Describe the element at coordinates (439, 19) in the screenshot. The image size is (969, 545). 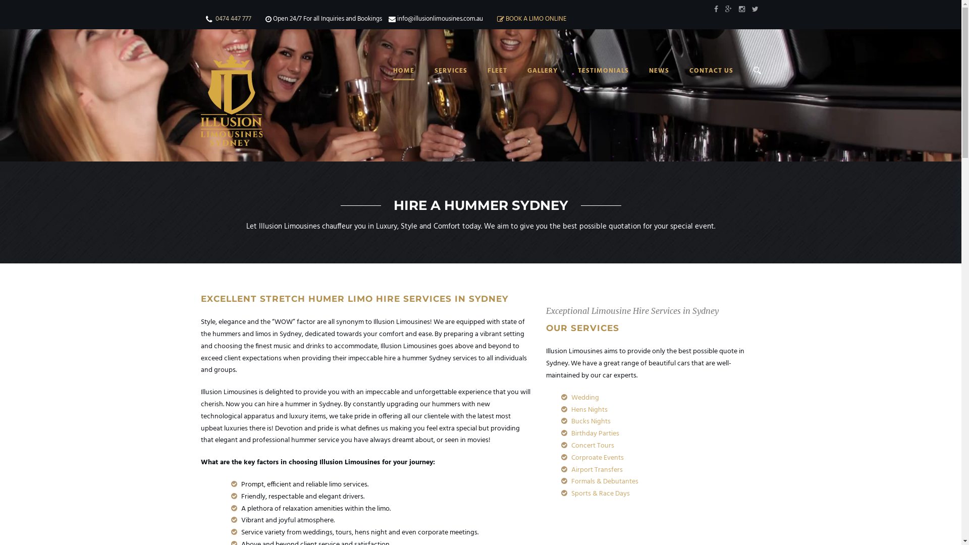
I see `'info@illusionlimousines.com.au'` at that location.